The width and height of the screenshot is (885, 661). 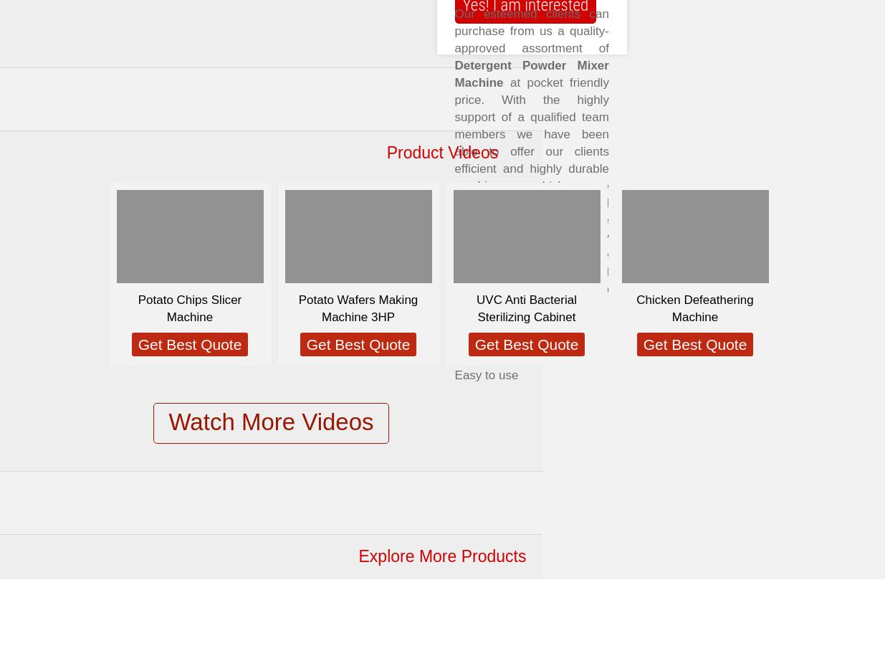 What do you see at coordinates (482, 323) in the screenshot?
I see `'Features:'` at bounding box center [482, 323].